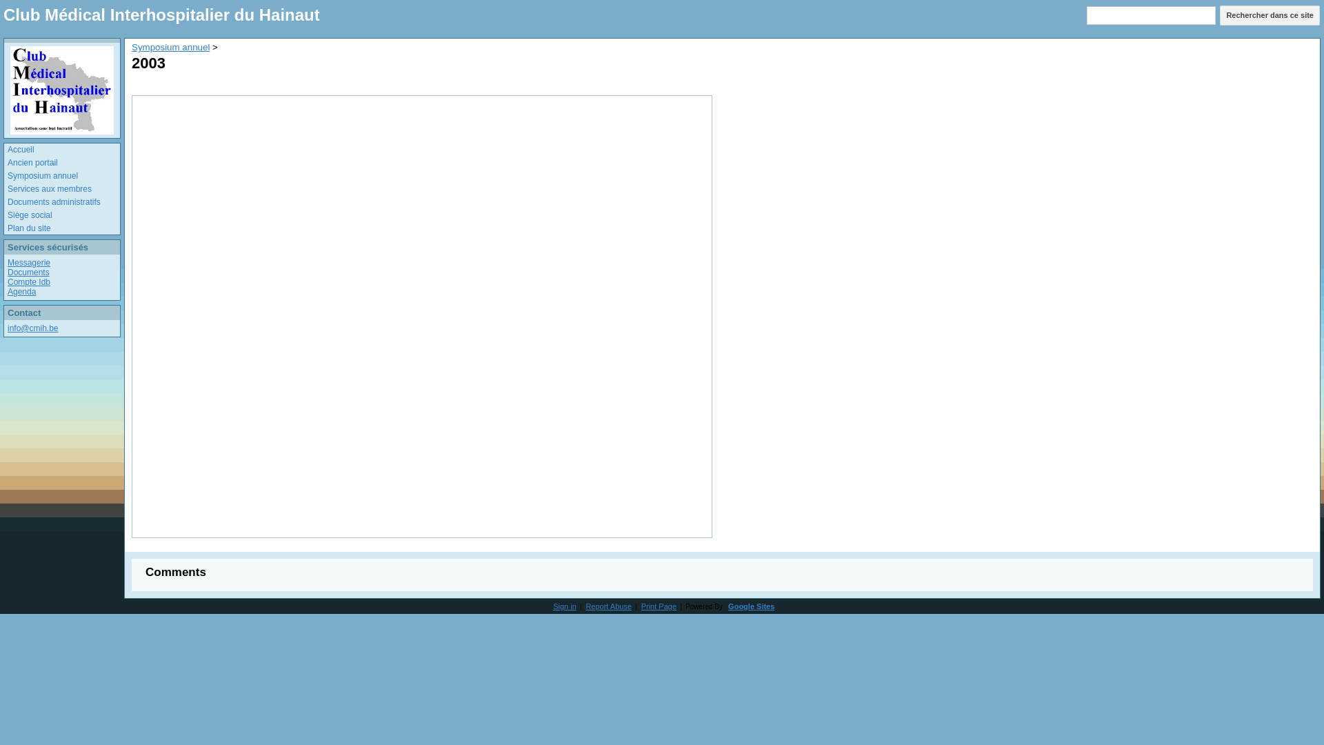 The image size is (1324, 745). What do you see at coordinates (608, 606) in the screenshot?
I see `'Report Abuse'` at bounding box center [608, 606].